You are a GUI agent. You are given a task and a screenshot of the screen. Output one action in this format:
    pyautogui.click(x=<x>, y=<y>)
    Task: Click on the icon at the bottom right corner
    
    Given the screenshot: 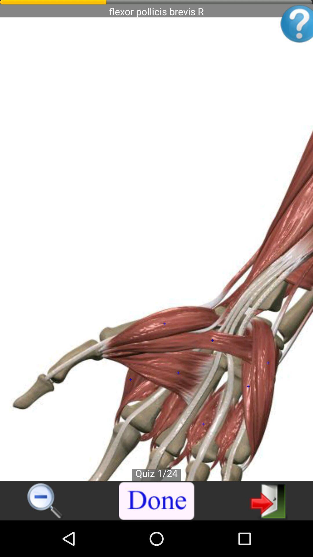 What is the action you would take?
    pyautogui.click(x=268, y=500)
    